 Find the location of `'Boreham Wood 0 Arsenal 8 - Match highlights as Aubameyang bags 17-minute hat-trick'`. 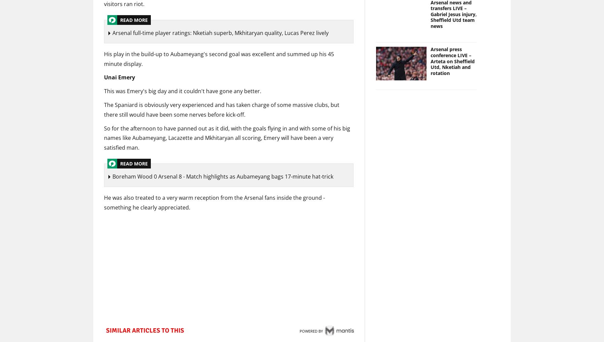

'Boreham Wood 0 Arsenal 8 - Match highlights as Aubameyang bags 17-minute hat-trick' is located at coordinates (223, 177).